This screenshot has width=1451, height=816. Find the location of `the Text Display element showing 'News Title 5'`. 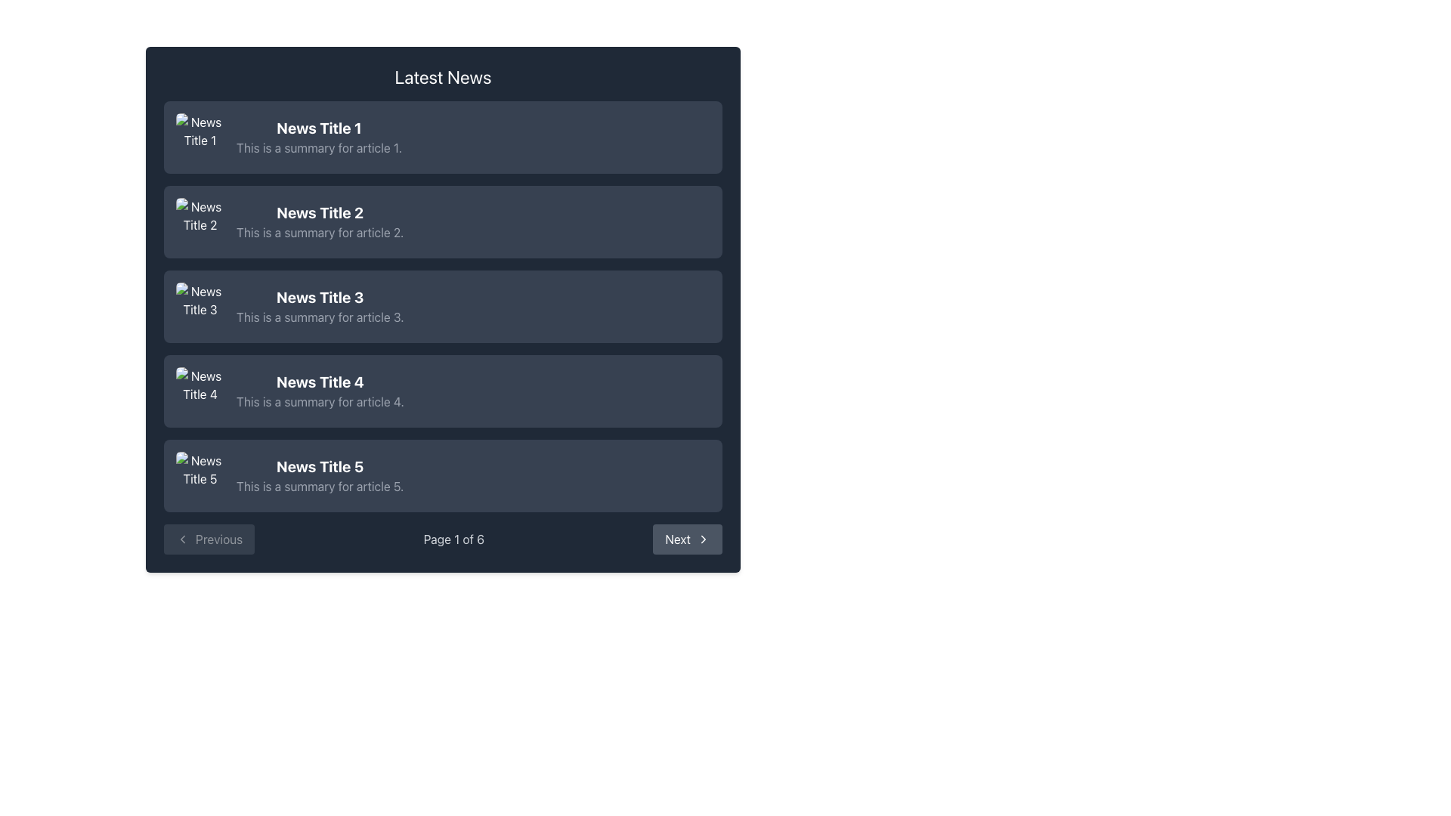

the Text Display element showing 'News Title 5' is located at coordinates (319, 474).